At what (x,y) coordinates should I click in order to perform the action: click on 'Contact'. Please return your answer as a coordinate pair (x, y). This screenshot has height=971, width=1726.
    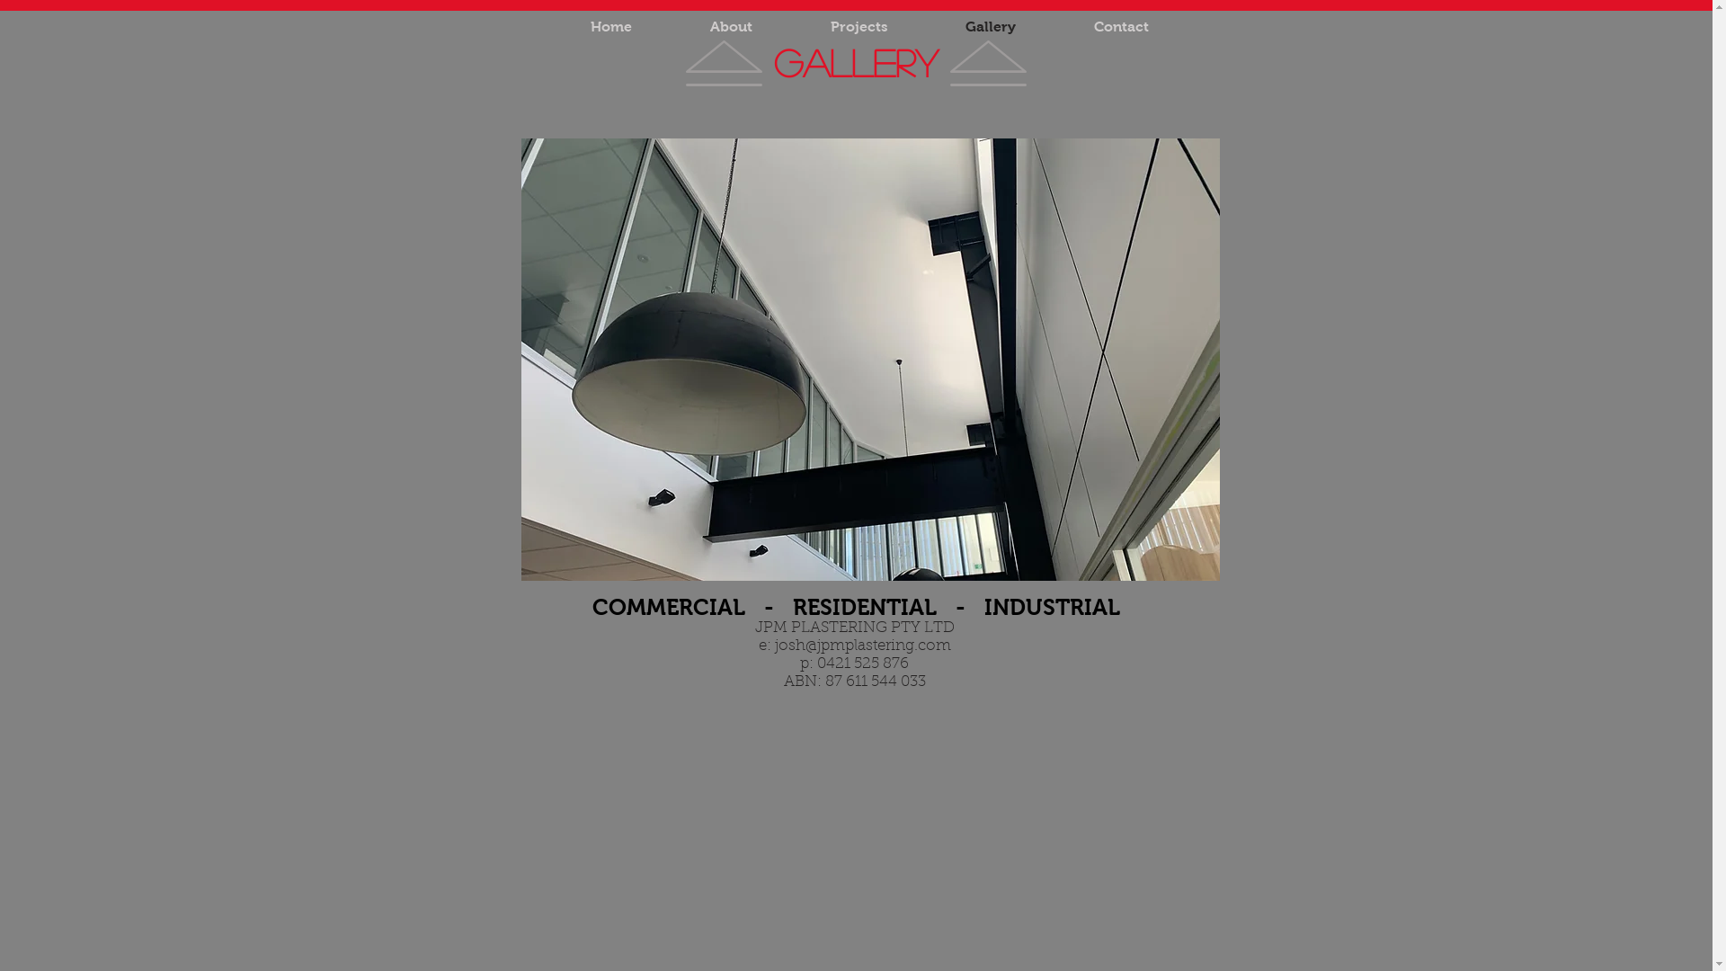
    Looking at the image, I should click on (1121, 27).